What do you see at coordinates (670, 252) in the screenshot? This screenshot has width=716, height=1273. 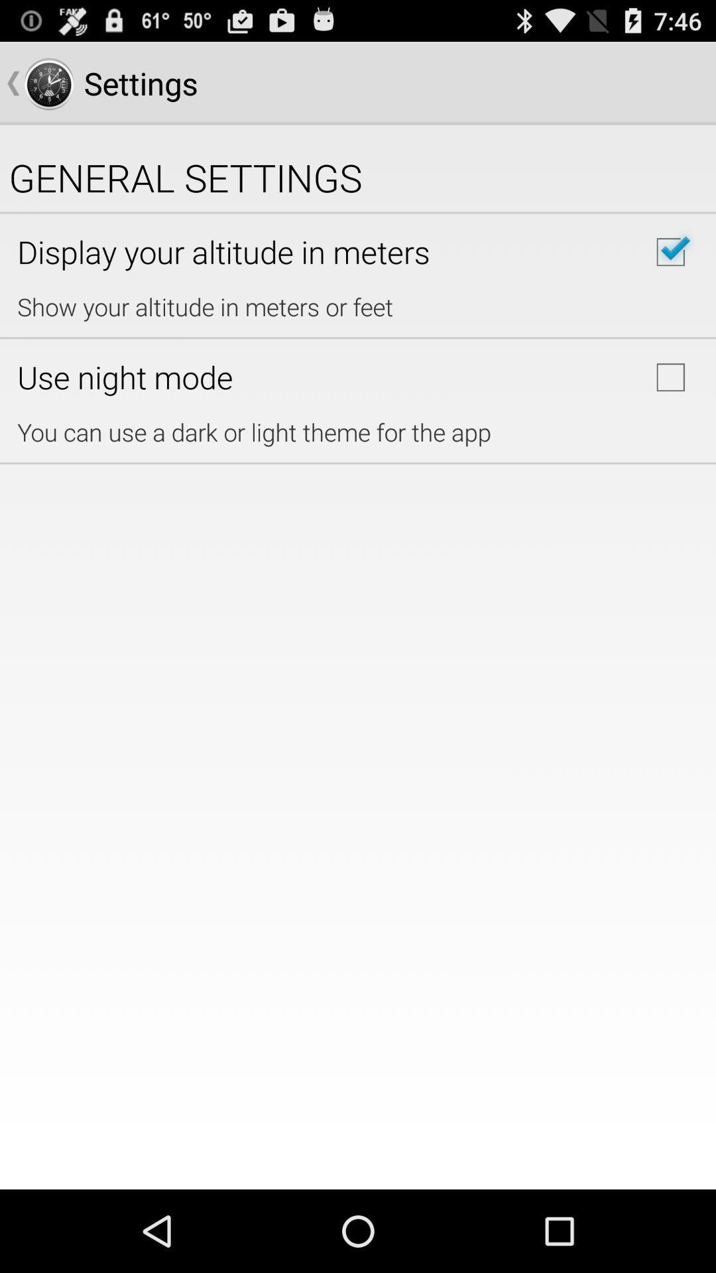 I see `the option to show your altitude in meters` at bounding box center [670, 252].